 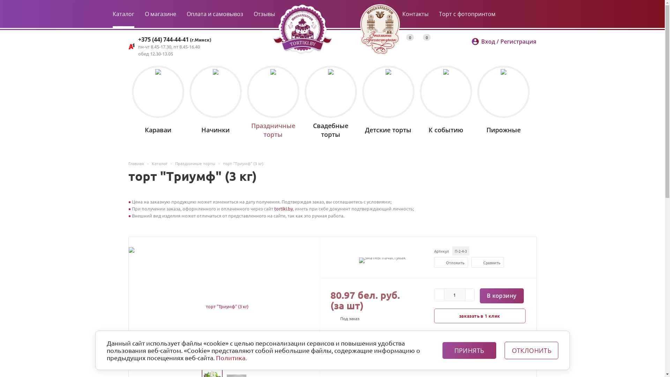 What do you see at coordinates (410, 37) in the screenshot?
I see `'0'` at bounding box center [410, 37].